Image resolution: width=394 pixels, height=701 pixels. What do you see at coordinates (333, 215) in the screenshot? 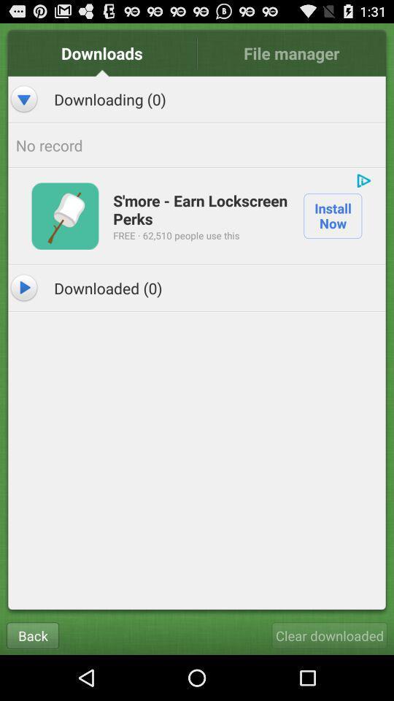
I see `install now` at bounding box center [333, 215].